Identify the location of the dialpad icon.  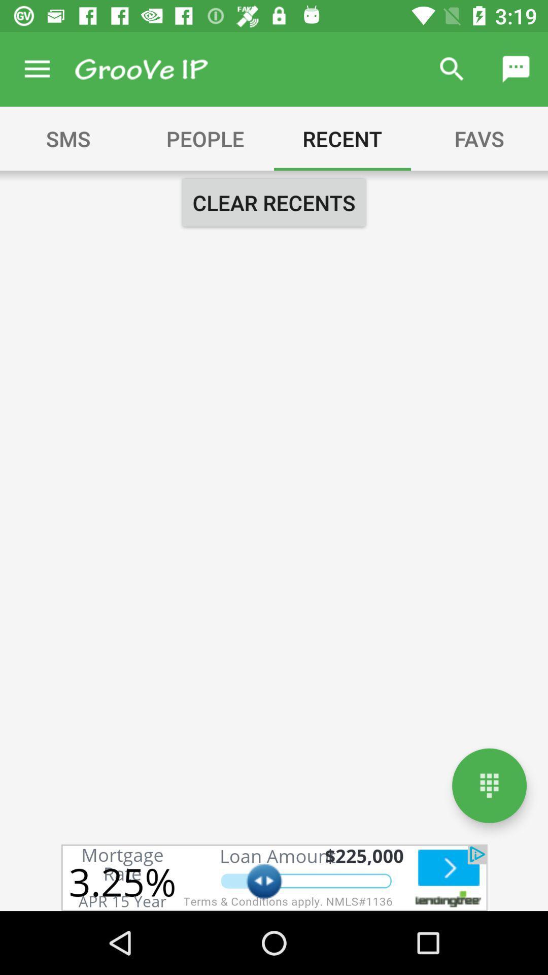
(489, 785).